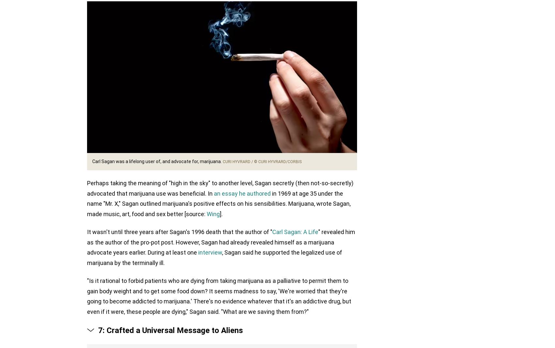 The image size is (555, 348). I want to click on '].', so click(219, 214).